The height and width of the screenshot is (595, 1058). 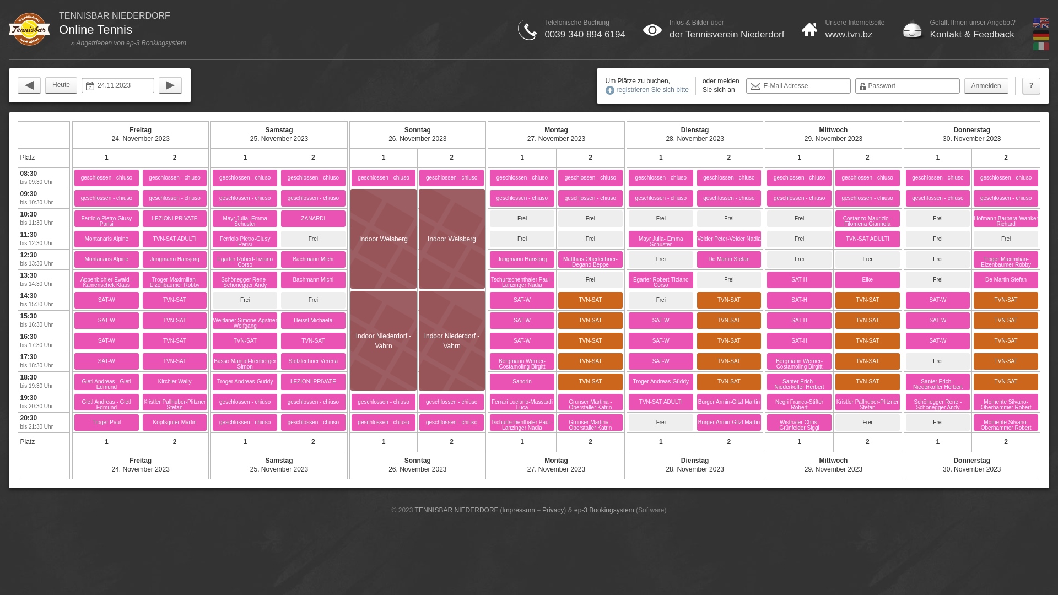 What do you see at coordinates (517, 510) in the screenshot?
I see `'Impressum'` at bounding box center [517, 510].